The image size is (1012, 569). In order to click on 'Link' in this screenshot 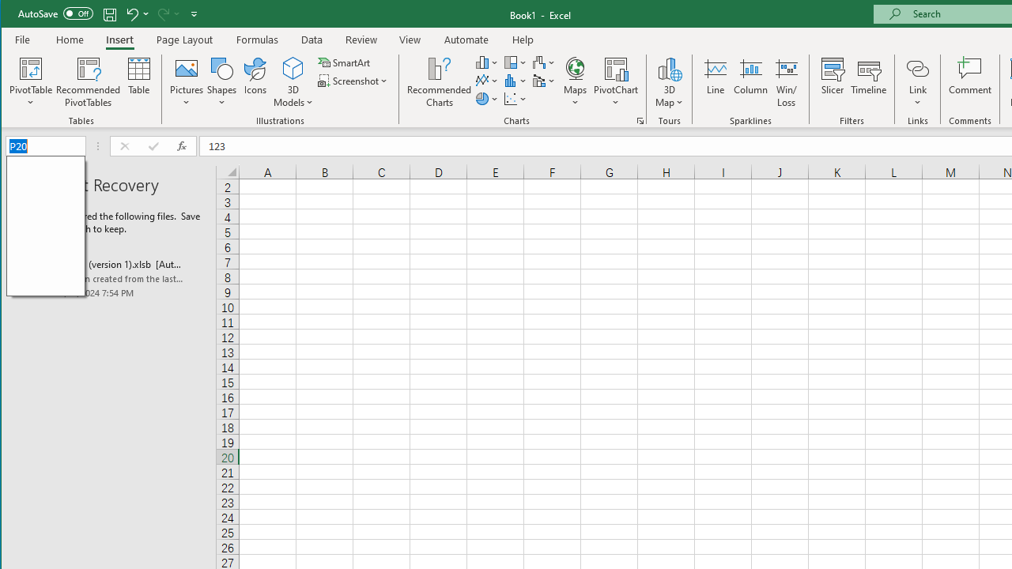, I will do `click(917, 67)`.